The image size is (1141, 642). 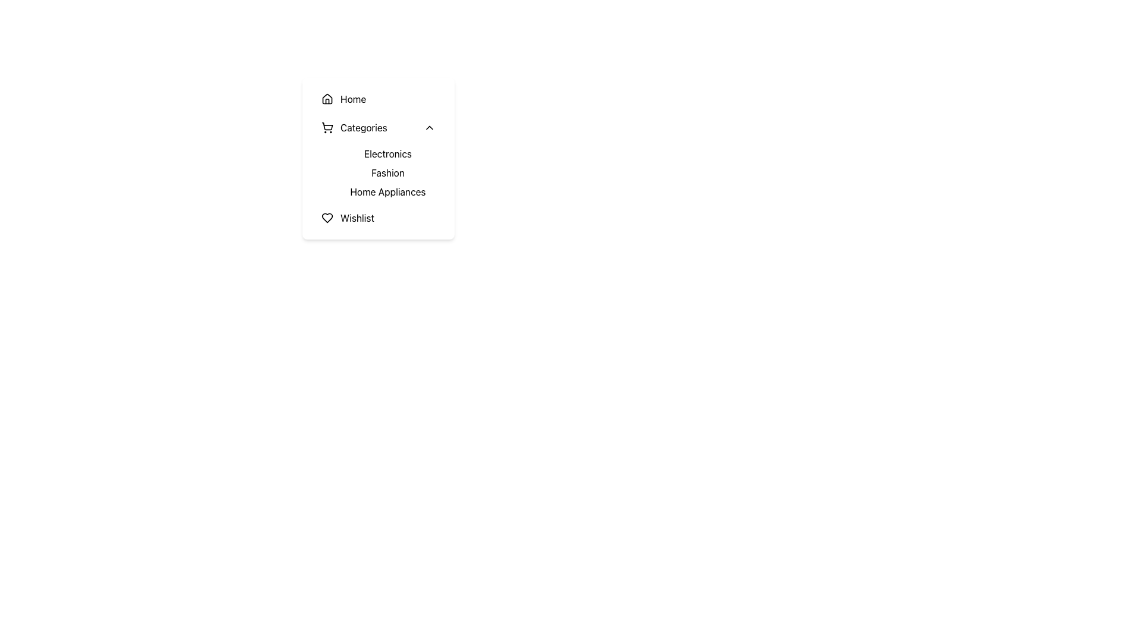 I want to click on the 'Fashion' link in the Hyperlinked menu list located in the 'Categories' section, so click(x=387, y=172).